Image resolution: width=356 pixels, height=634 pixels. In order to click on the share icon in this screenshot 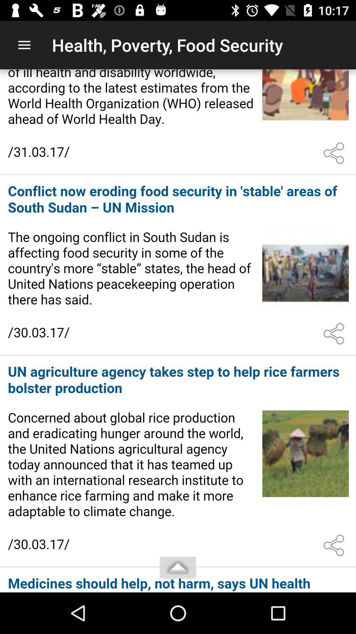, I will do `click(335, 334)`.